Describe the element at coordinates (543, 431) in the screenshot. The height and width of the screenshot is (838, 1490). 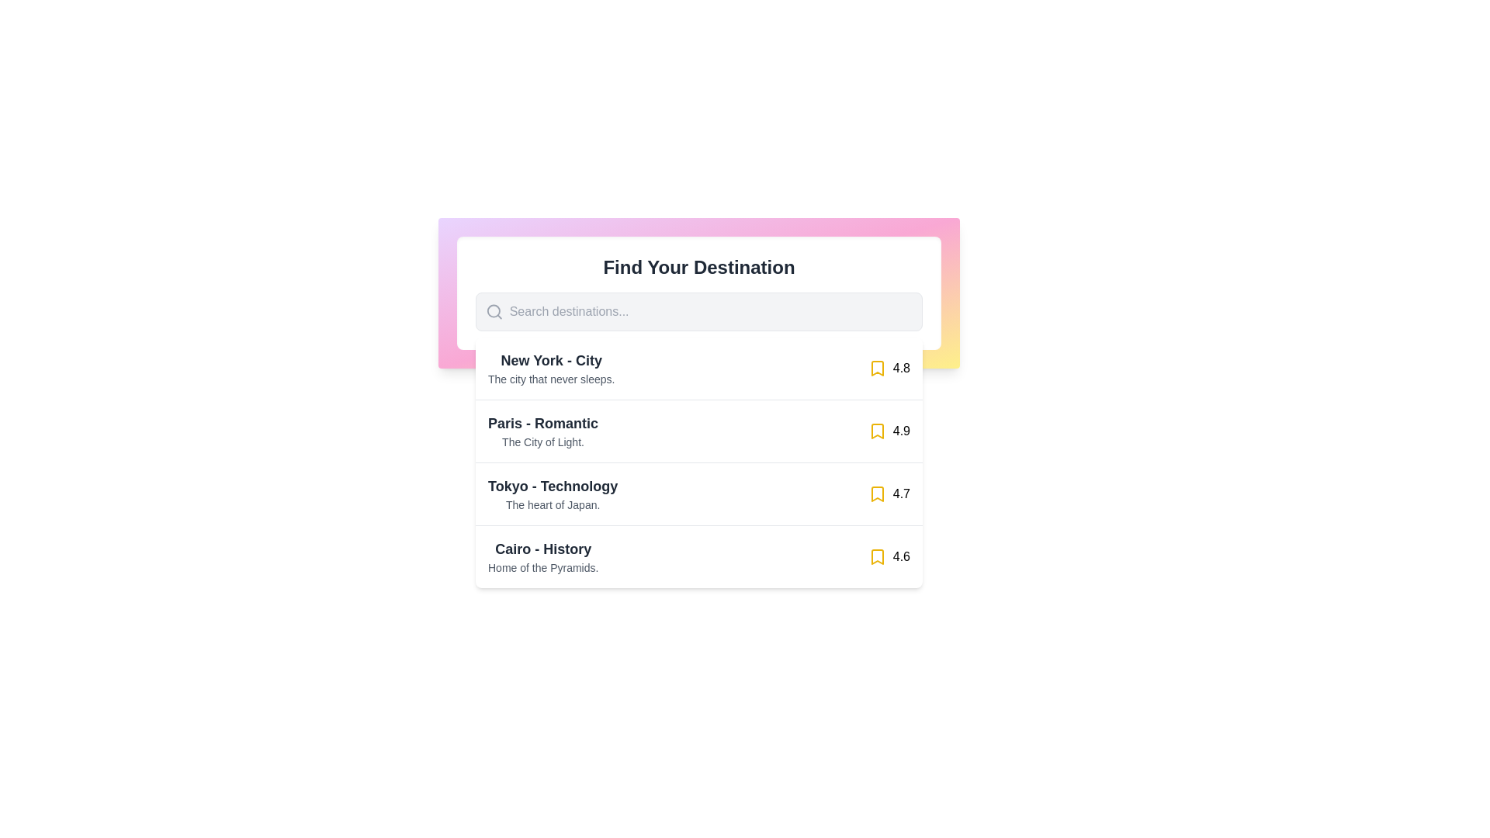
I see `the travel destination text display that provides information about the destination name and tagline, positioned between 'New York - City' and 'Tokyo - Technology'` at that location.